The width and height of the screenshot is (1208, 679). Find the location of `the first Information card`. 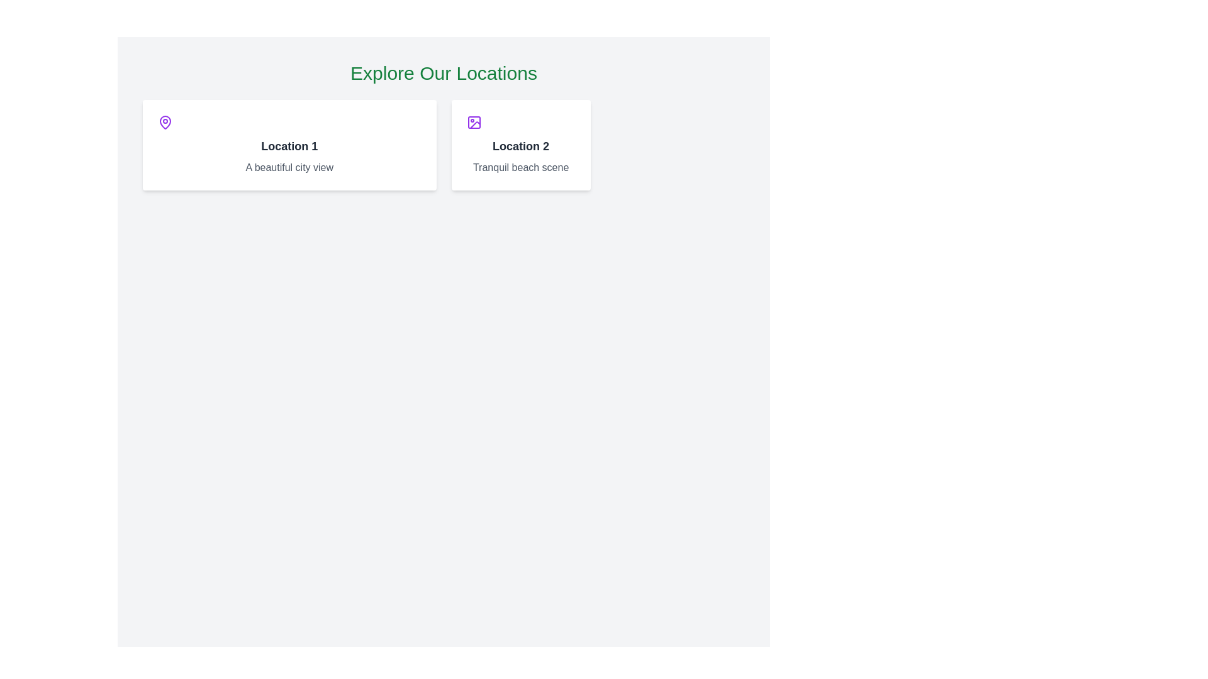

the first Information card is located at coordinates (289, 145).